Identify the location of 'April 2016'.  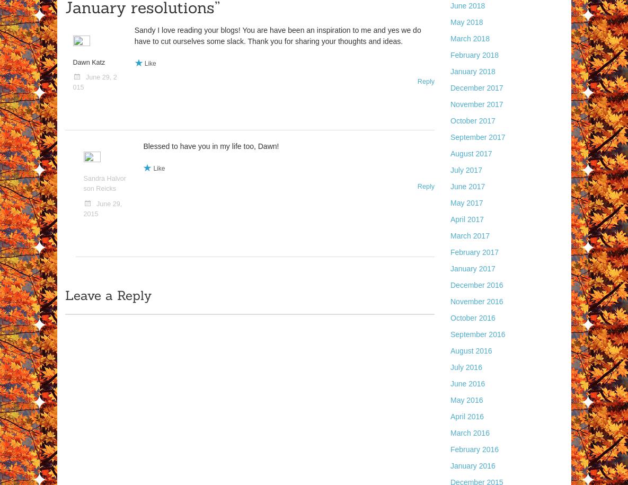
(467, 416).